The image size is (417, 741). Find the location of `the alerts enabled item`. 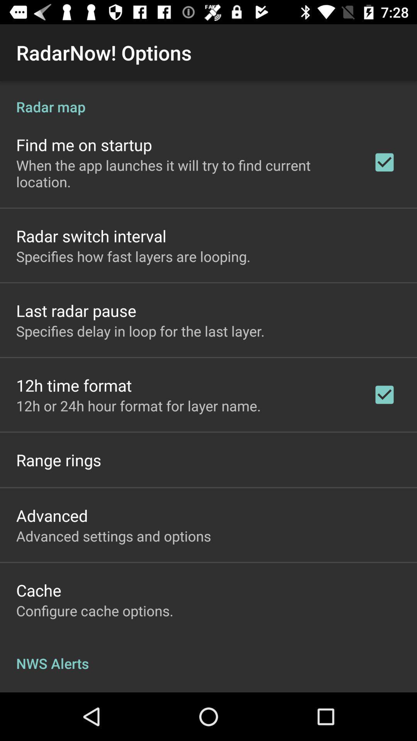

the alerts enabled item is located at coordinates (68, 691).